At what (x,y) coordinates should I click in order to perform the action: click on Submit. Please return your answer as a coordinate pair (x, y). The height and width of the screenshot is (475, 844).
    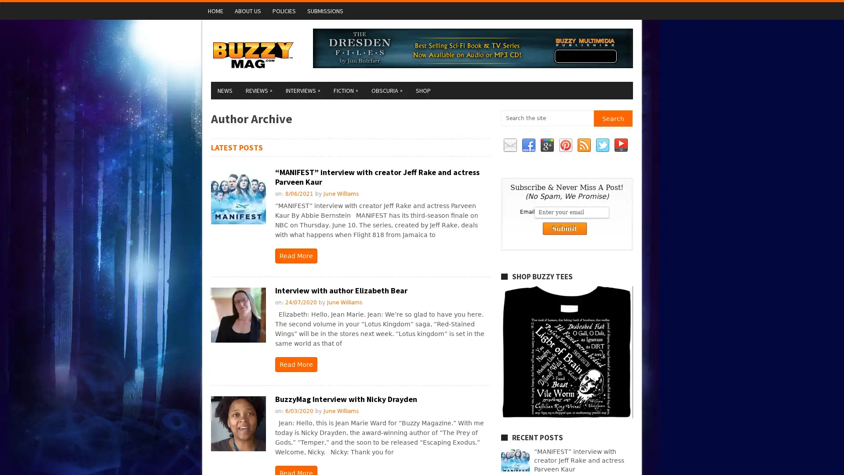
    Looking at the image, I should click on (564, 228).